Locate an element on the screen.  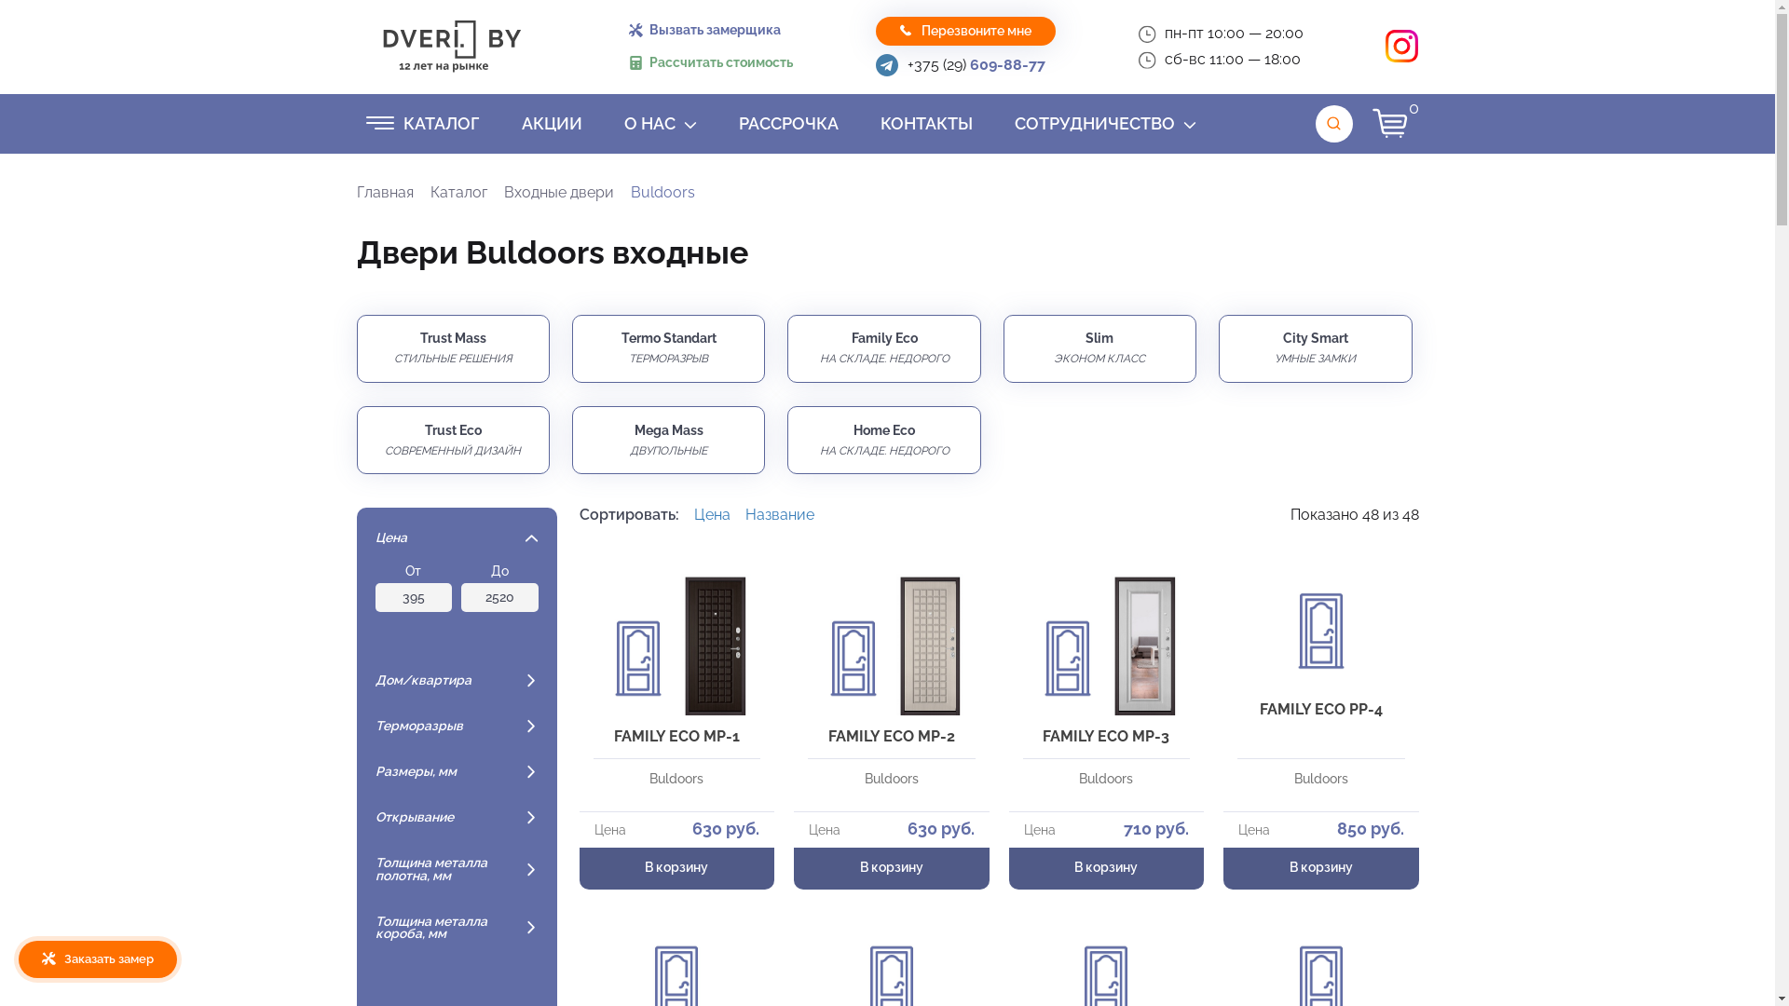
'Telegram' is located at coordinates (885, 63).